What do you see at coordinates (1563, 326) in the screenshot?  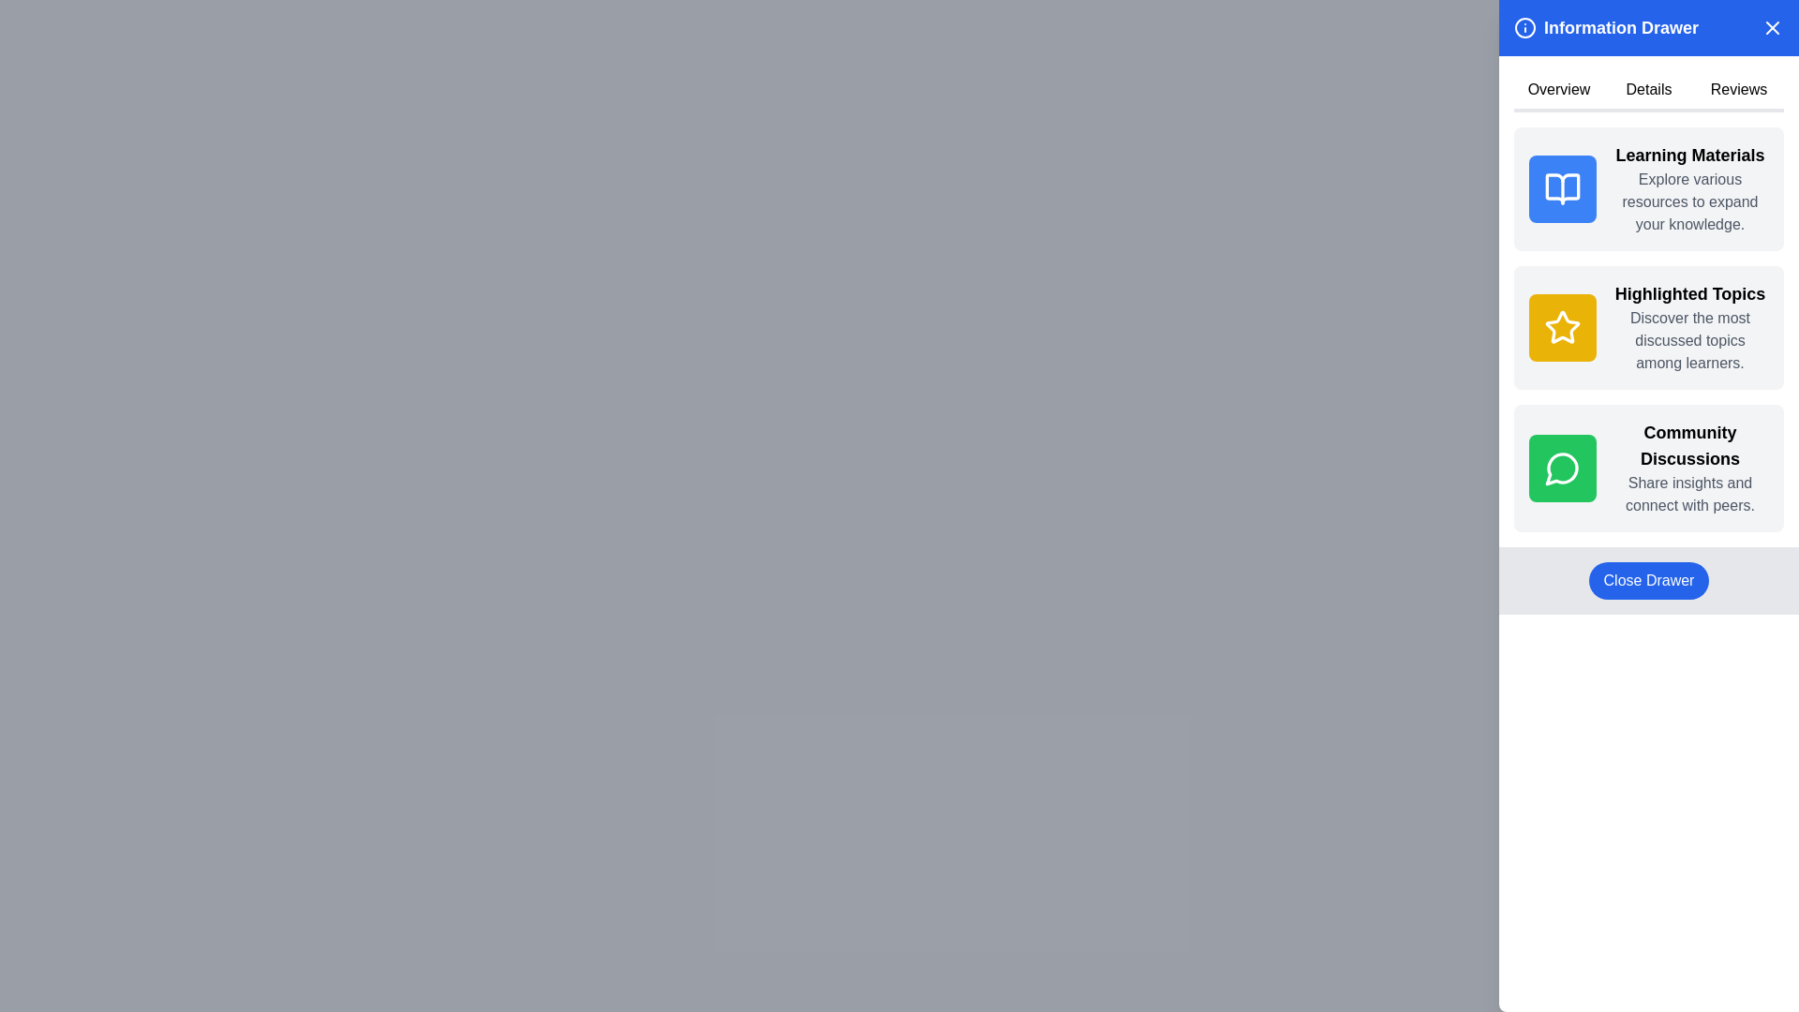 I see `the star-shaped icon with a yellow fill and a white outline located in the 'Highlighted Topics' panel, positioned between 'Learning Materials' and 'Community Discussions'` at bounding box center [1563, 326].